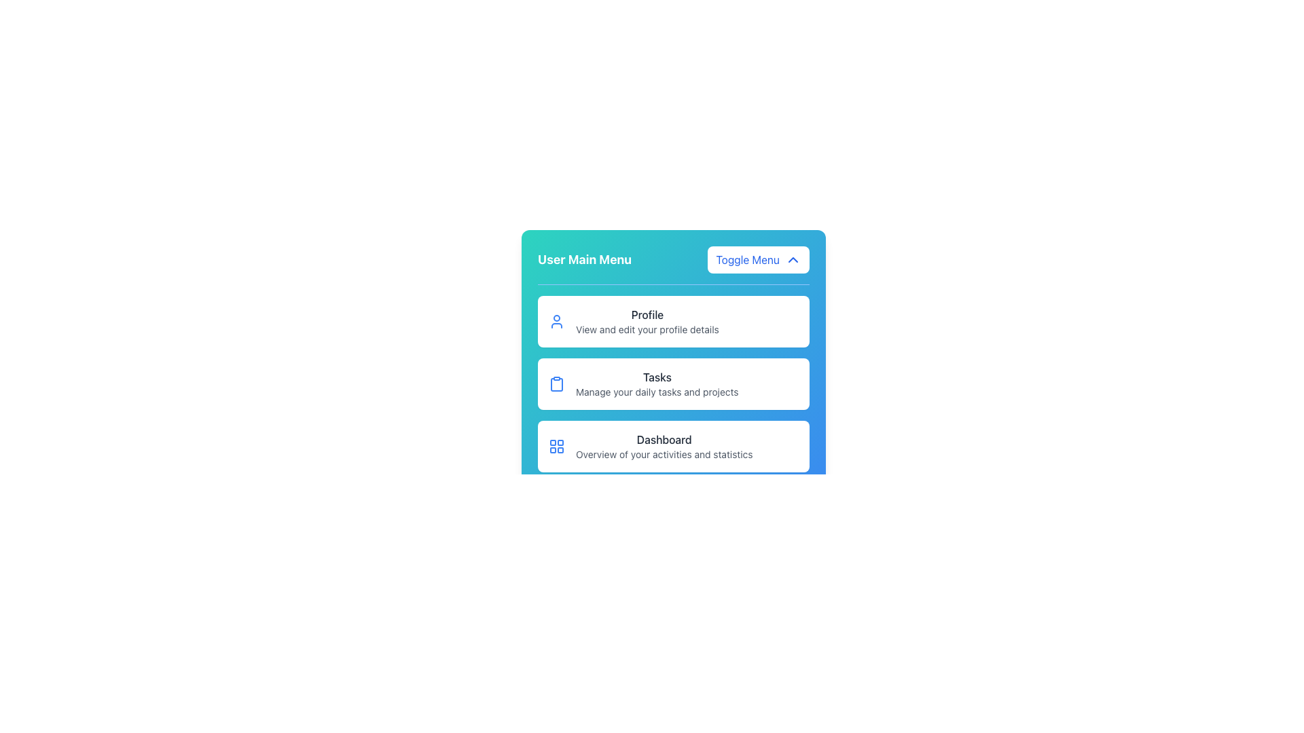  Describe the element at coordinates (674, 384) in the screenshot. I see `the second Navigation Card in the User Main Menu` at that location.